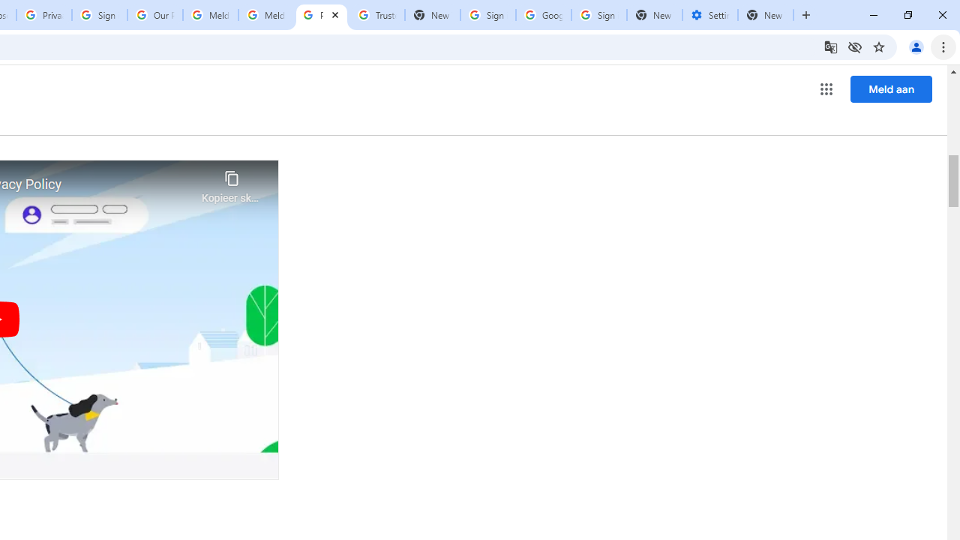  Describe the element at coordinates (829, 46) in the screenshot. I see `'Translate this page'` at that location.